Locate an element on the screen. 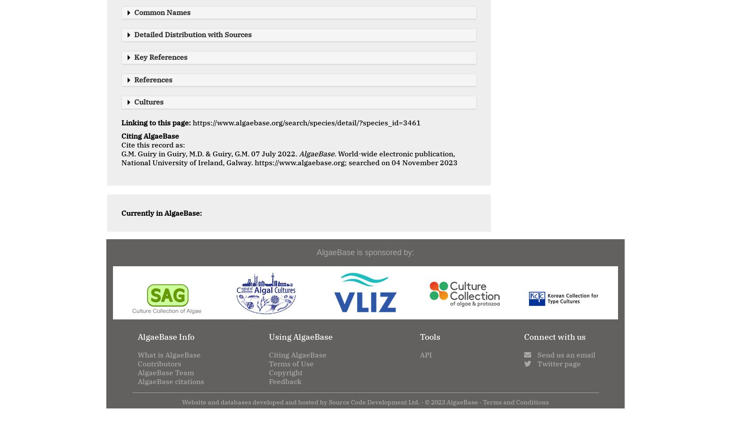  'Website and databases developed and hosted by Source Code Development Ltd. · ©' is located at coordinates (306, 402).